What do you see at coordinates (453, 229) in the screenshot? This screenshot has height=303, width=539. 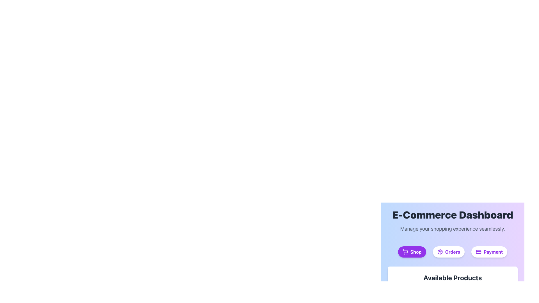 I see `text 'Manage your shopping experience seamlessly.' displayed in gray font below the heading 'E-Commerce Dashboard'` at bounding box center [453, 229].